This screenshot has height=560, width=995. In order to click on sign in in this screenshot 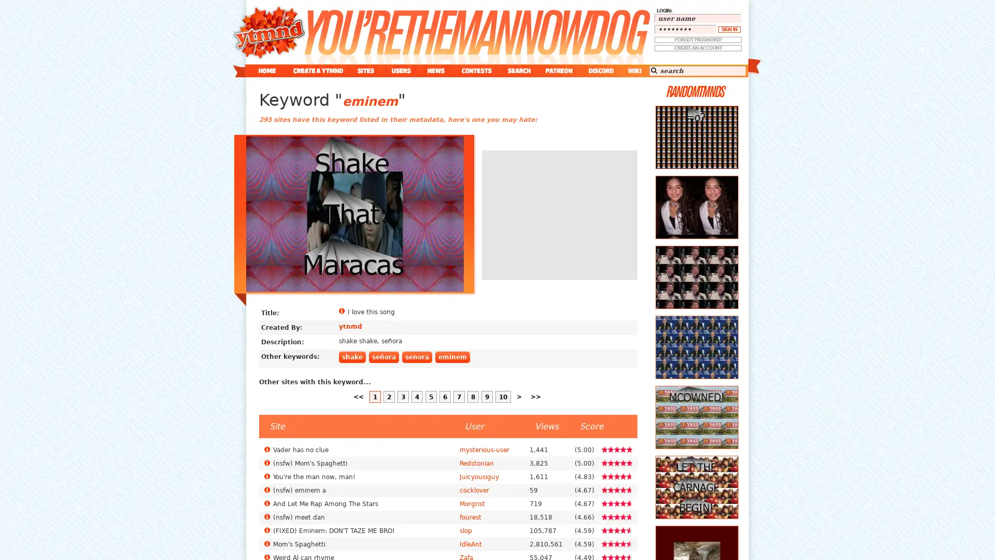, I will do `click(729, 29)`.